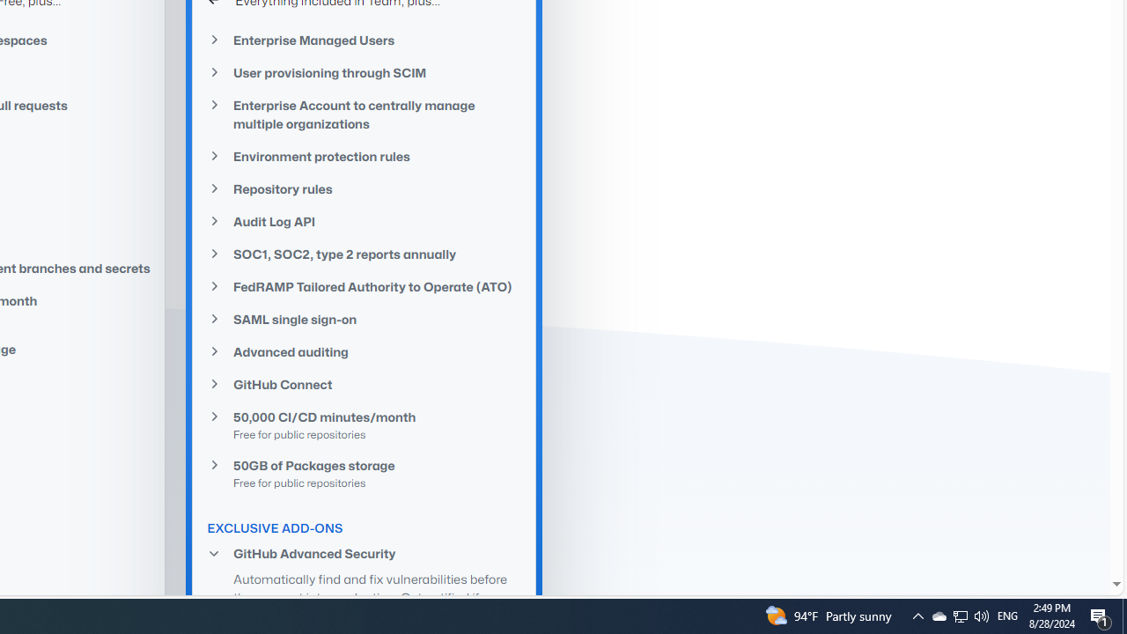 The height and width of the screenshot is (634, 1127). What do you see at coordinates (364, 383) in the screenshot?
I see `'GitHub Connect'` at bounding box center [364, 383].